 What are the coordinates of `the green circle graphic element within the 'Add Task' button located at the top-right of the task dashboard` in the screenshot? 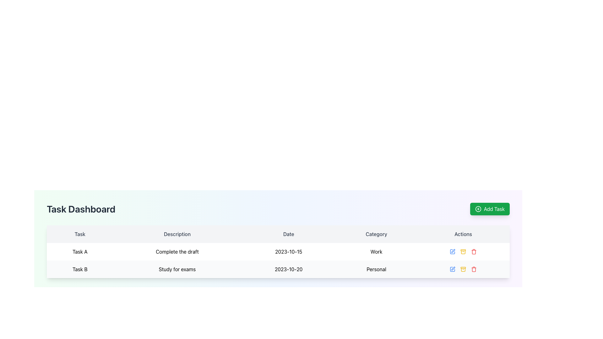 It's located at (478, 209).